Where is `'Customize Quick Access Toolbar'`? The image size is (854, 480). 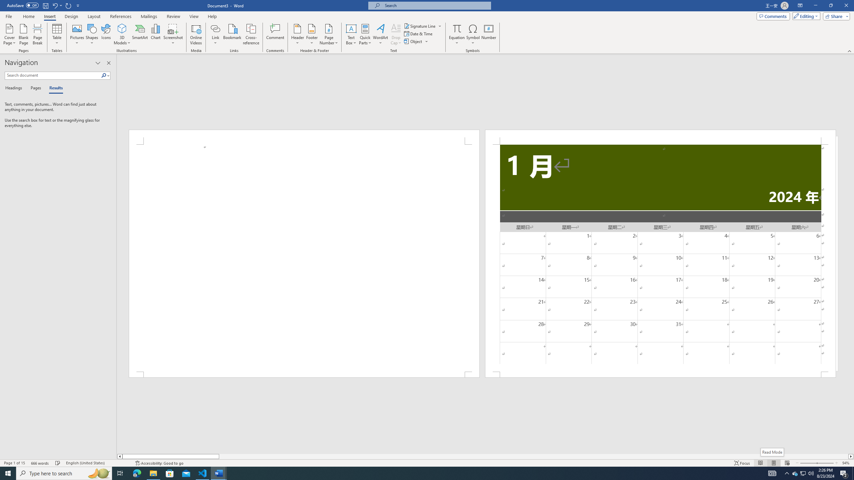 'Customize Quick Access Toolbar' is located at coordinates (78, 5).